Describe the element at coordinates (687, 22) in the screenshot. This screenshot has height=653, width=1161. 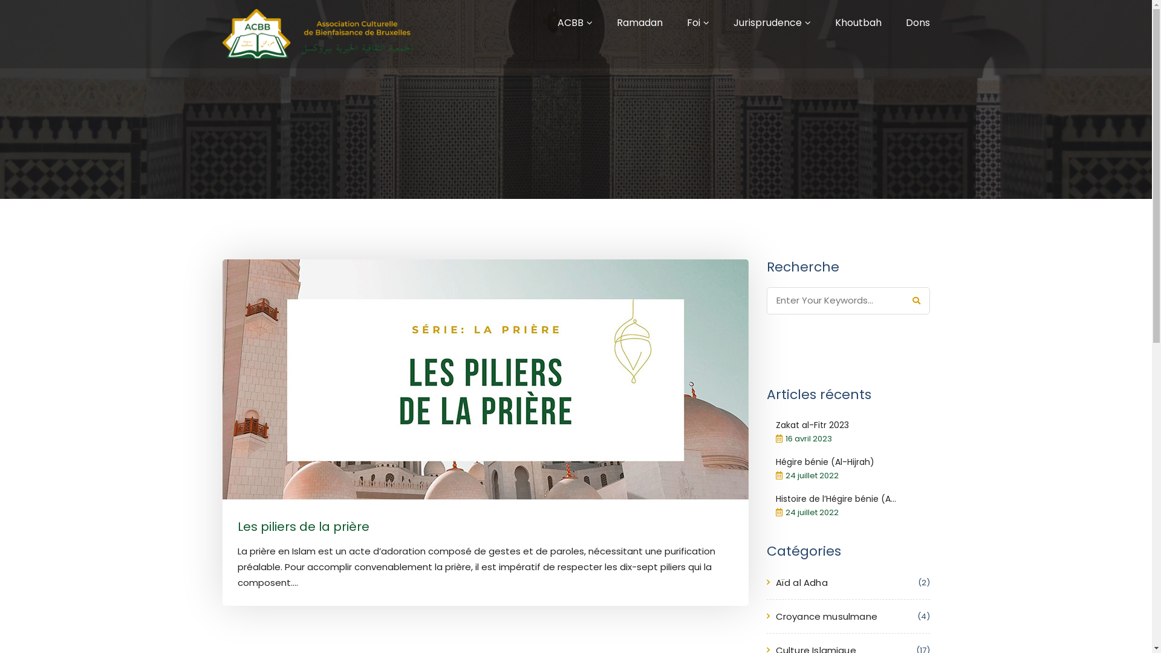
I see `'Foi'` at that location.